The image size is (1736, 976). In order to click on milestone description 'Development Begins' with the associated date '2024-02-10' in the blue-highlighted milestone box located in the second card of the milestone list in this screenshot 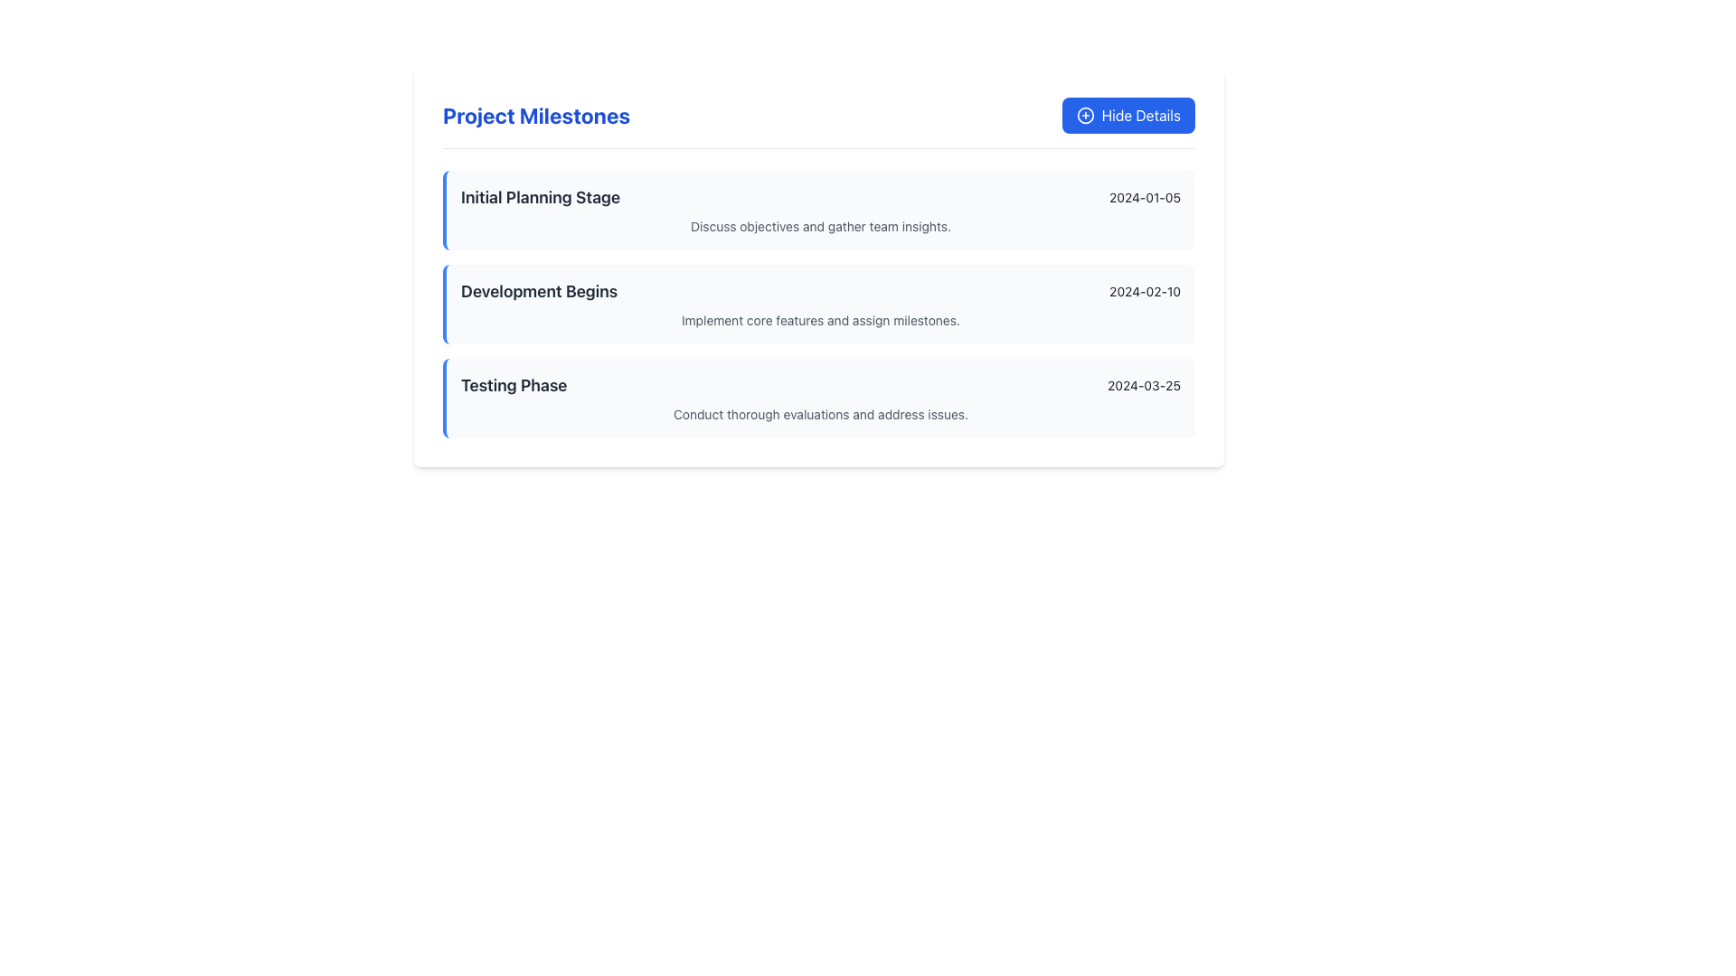, I will do `click(819, 291)`.